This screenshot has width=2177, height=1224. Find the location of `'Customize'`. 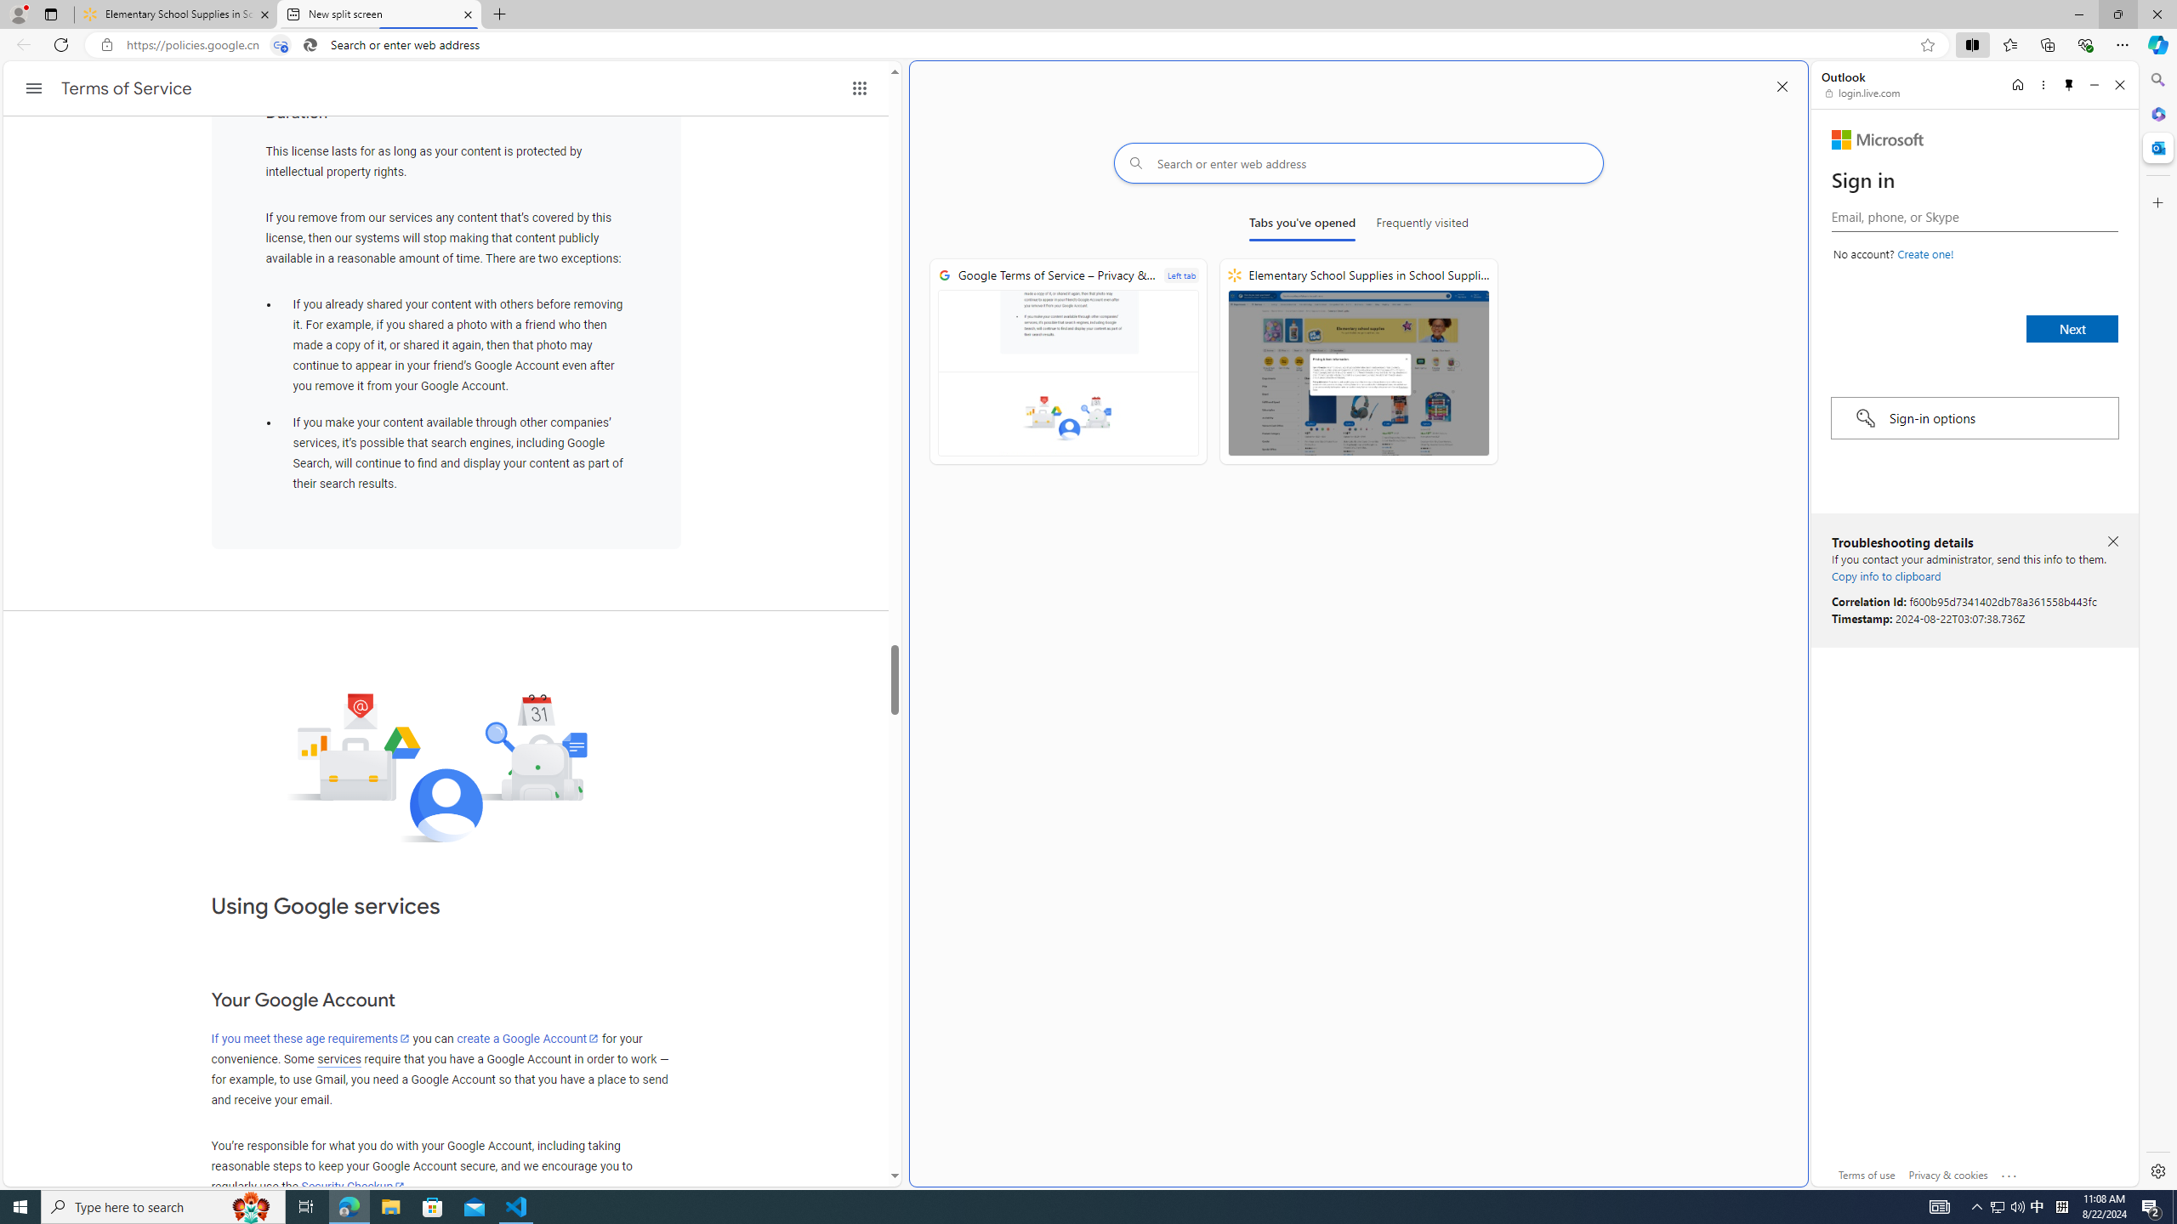

'Customize' is located at coordinates (2156, 201).